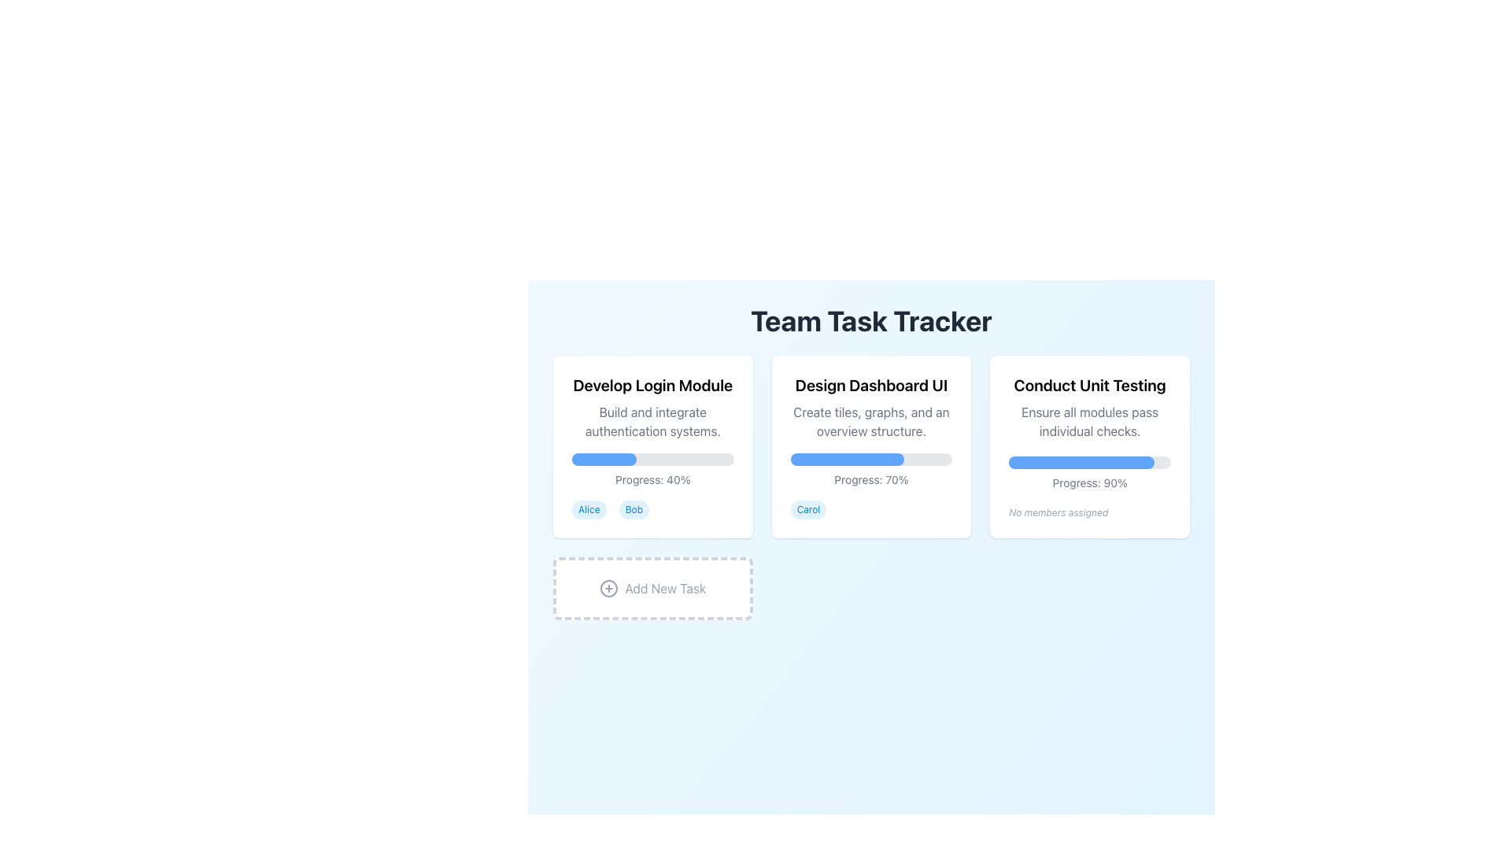  What do you see at coordinates (634, 510) in the screenshot?
I see `text of the second badge under the 'Develop Login Module' section, which visually indicates the assigned team member's name for the task` at bounding box center [634, 510].